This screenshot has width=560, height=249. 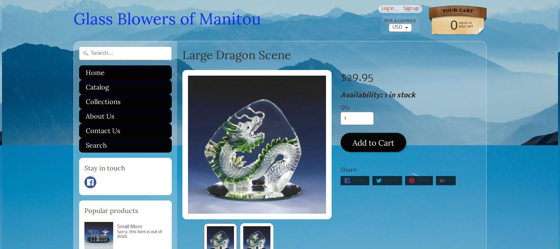 What do you see at coordinates (391, 181) in the screenshot?
I see `'Tweet'` at bounding box center [391, 181].